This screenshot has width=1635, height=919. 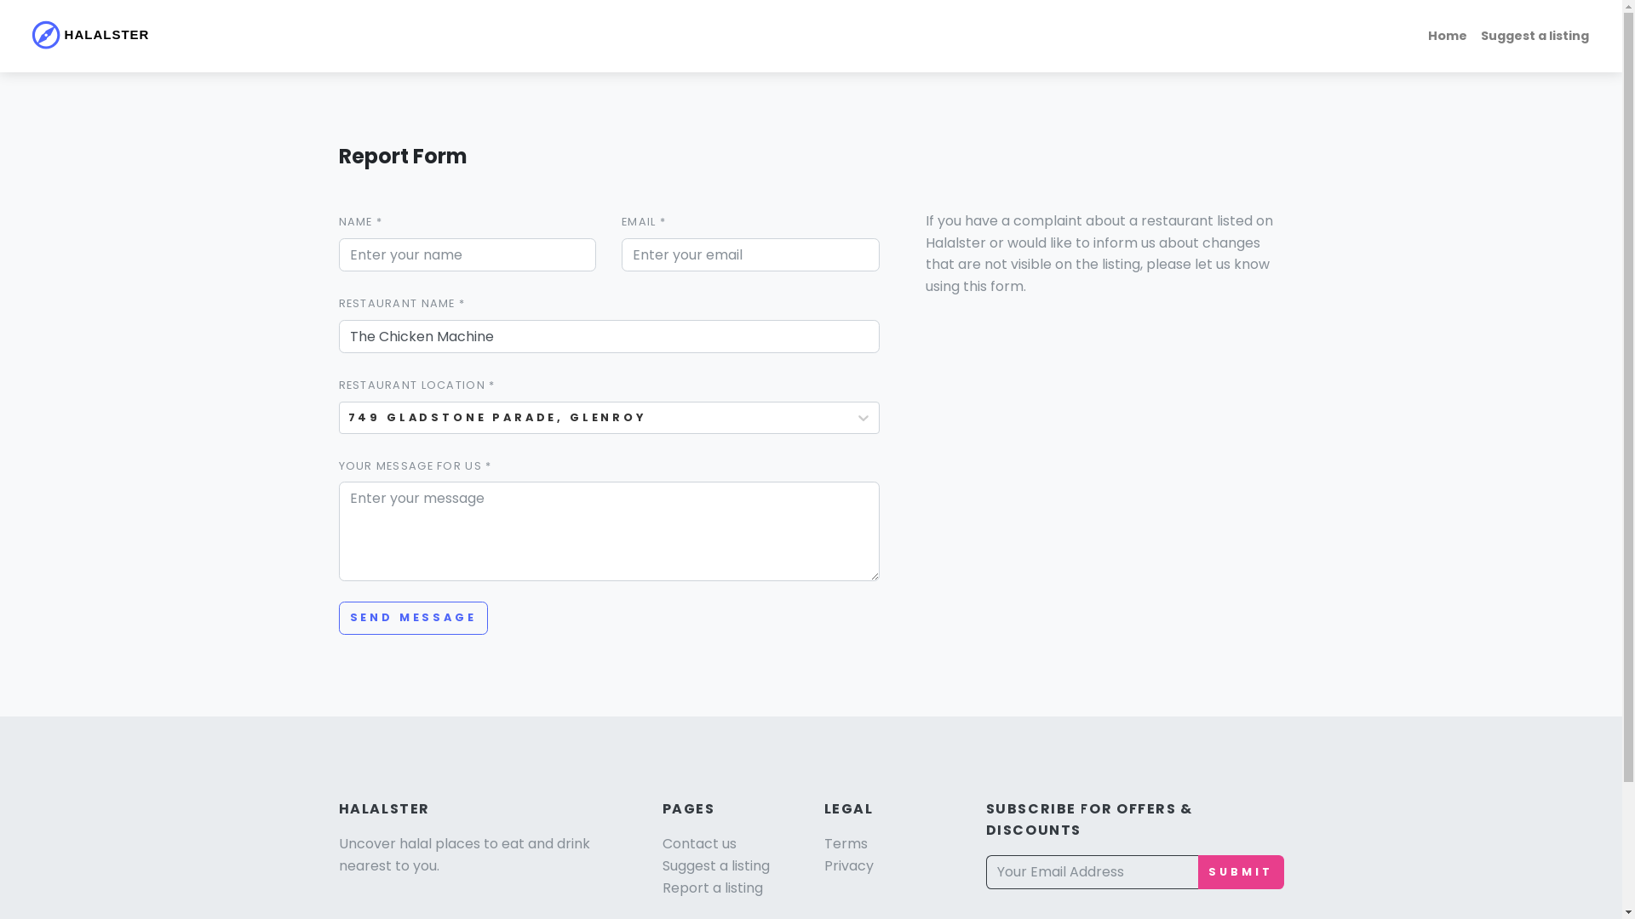 What do you see at coordinates (699, 843) in the screenshot?
I see `'Contact us'` at bounding box center [699, 843].